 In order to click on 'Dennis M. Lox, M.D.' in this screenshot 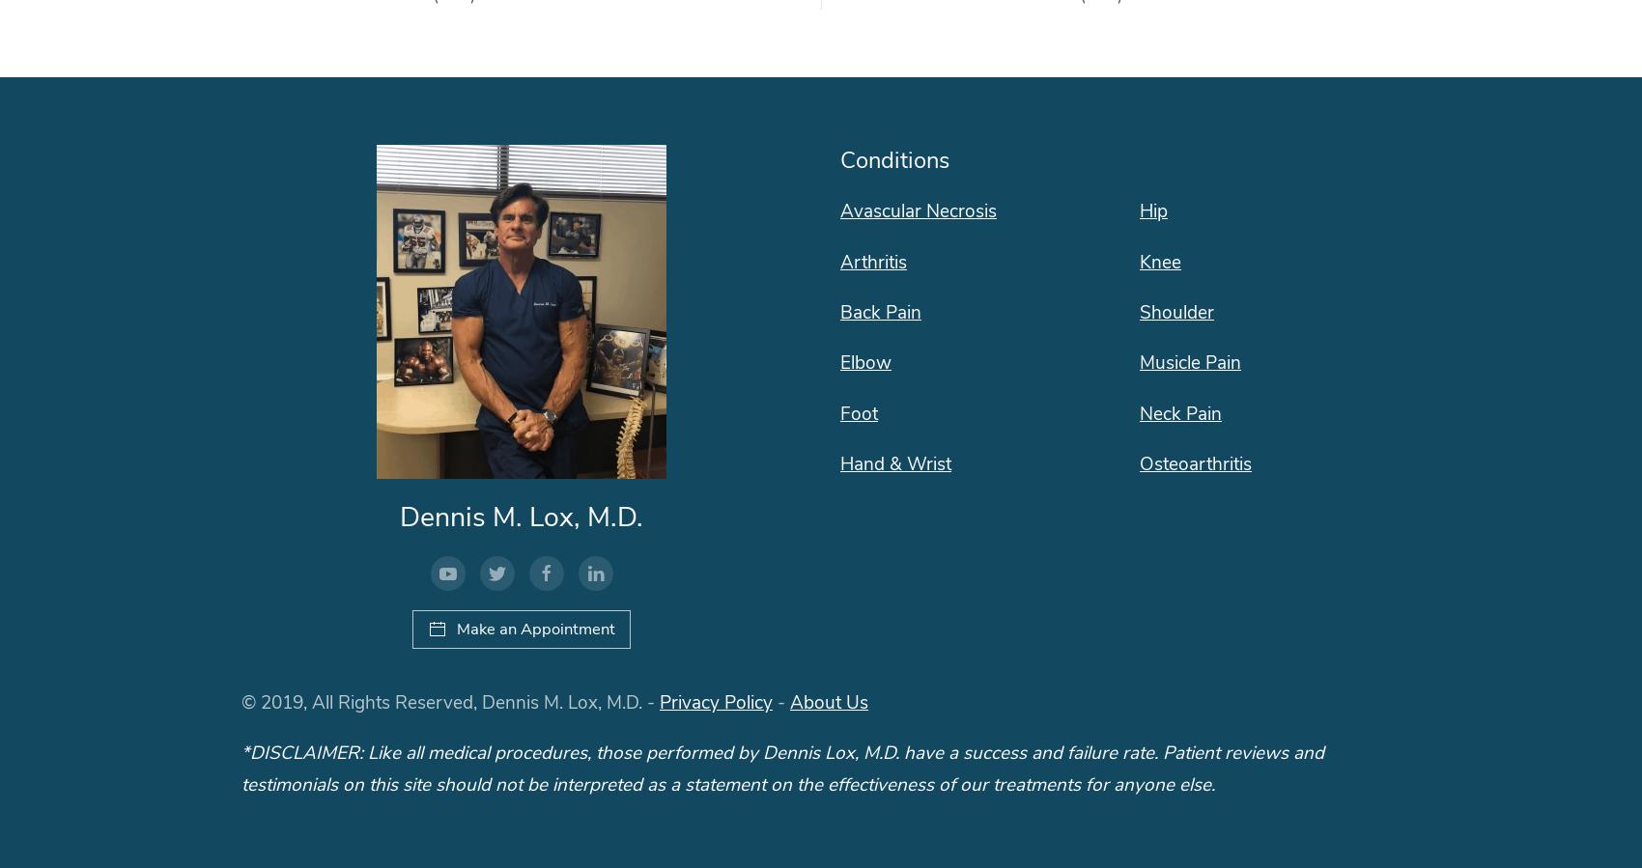, I will do `click(520, 517)`.